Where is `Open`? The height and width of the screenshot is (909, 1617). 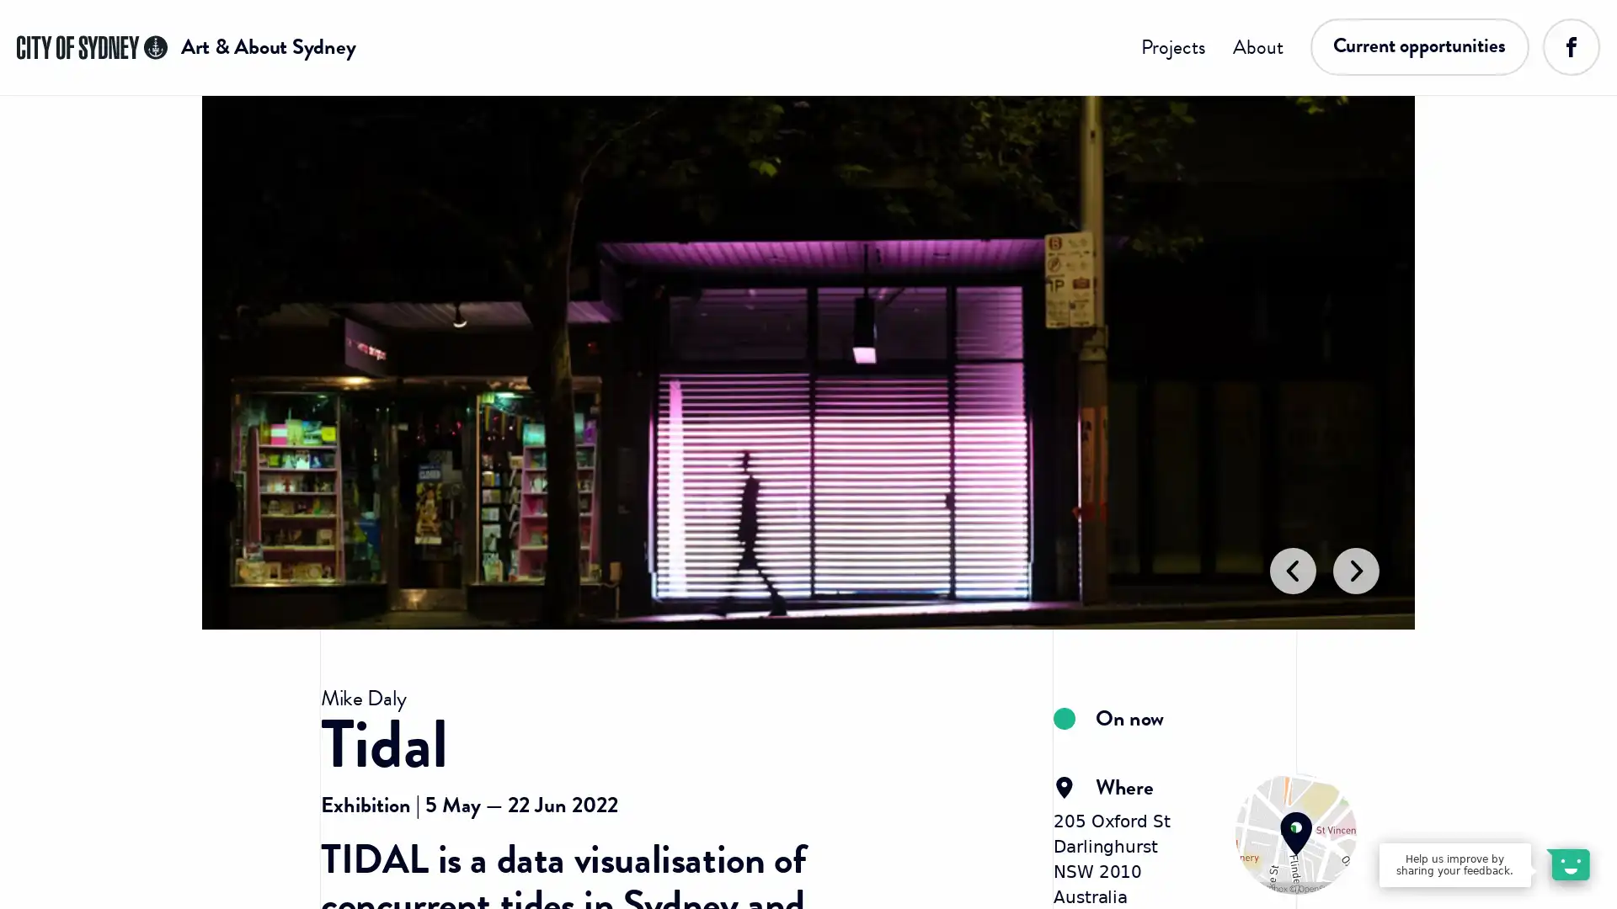 Open is located at coordinates (1566, 864).